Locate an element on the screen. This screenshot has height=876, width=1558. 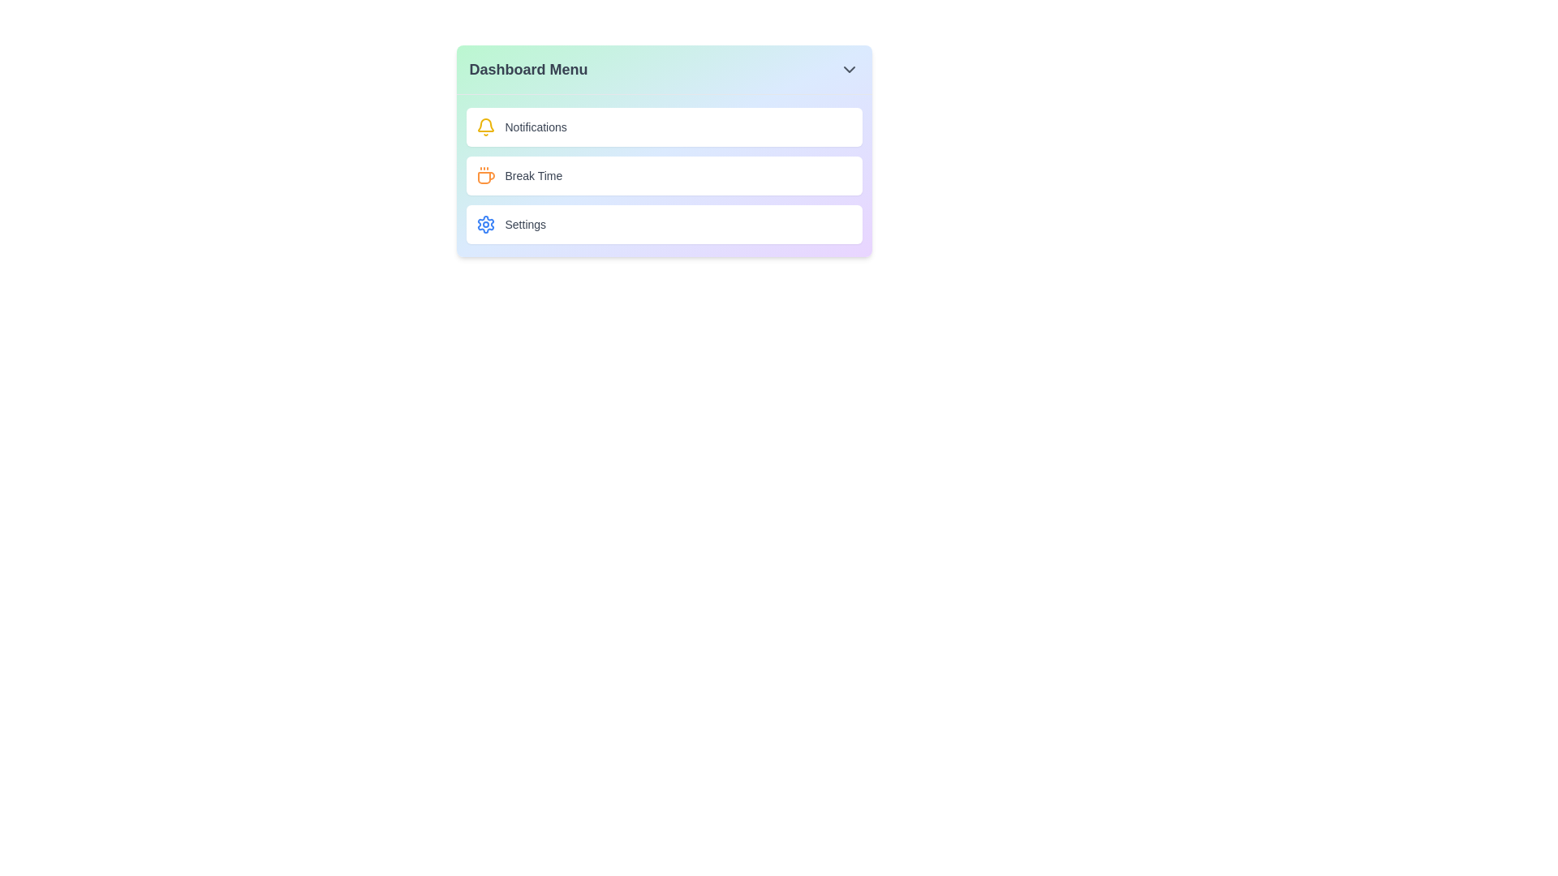
the 'Notifications' label in the menu, which is positioned to the right of a yellow bell icon and within a light-colored box with rounded corners is located at coordinates (536, 127).